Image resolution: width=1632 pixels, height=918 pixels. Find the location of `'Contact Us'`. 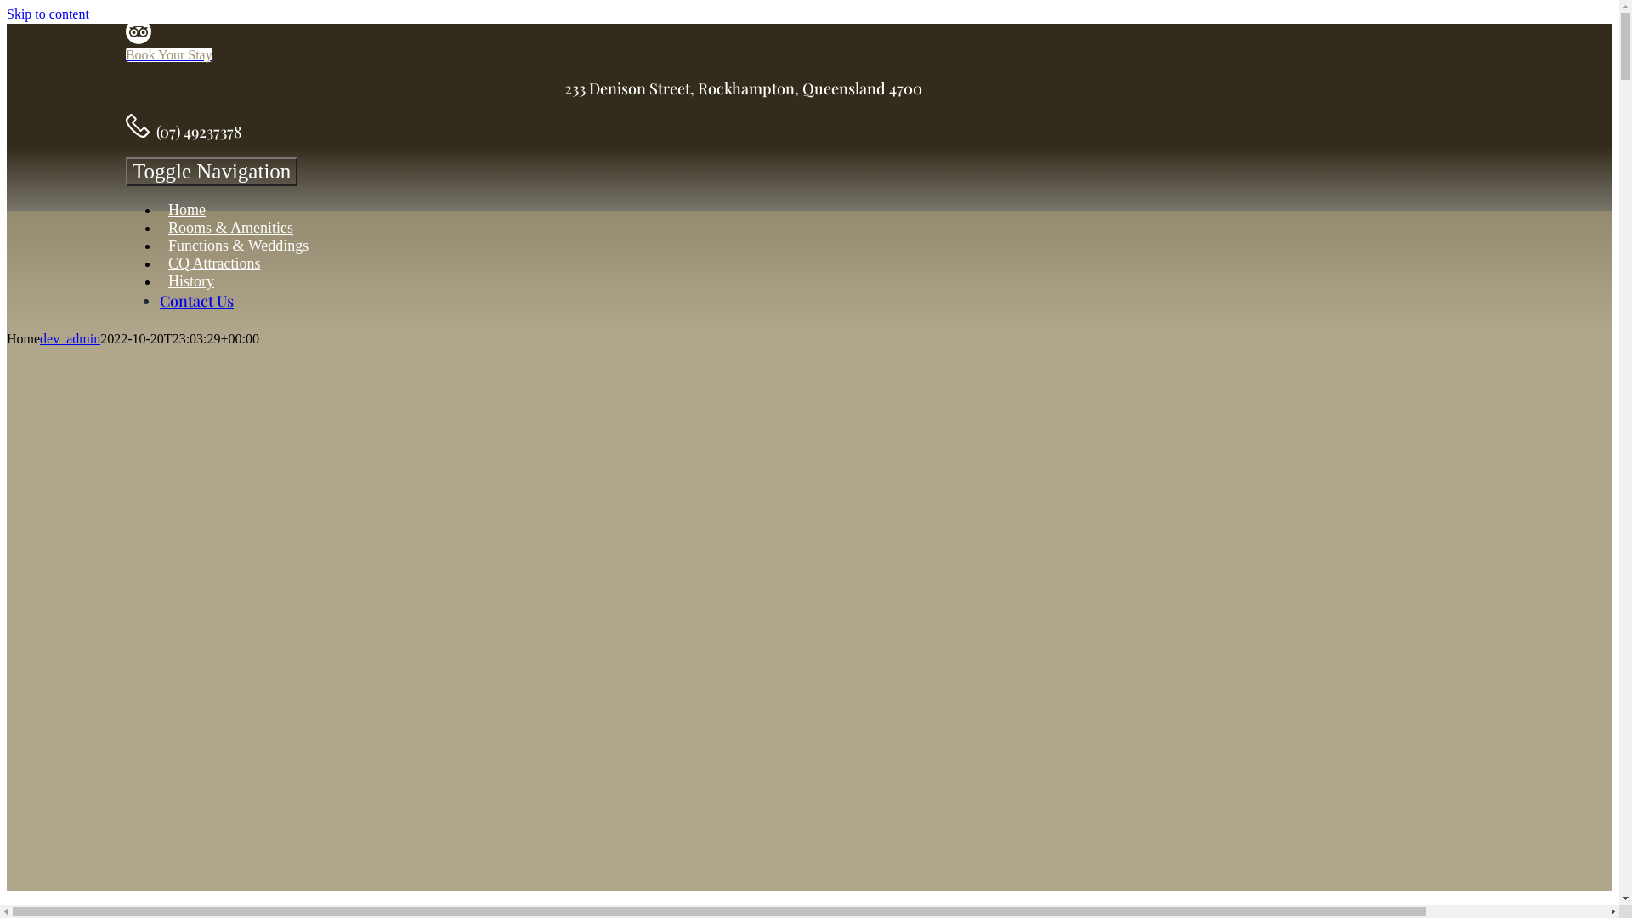

'Contact Us' is located at coordinates (196, 300).